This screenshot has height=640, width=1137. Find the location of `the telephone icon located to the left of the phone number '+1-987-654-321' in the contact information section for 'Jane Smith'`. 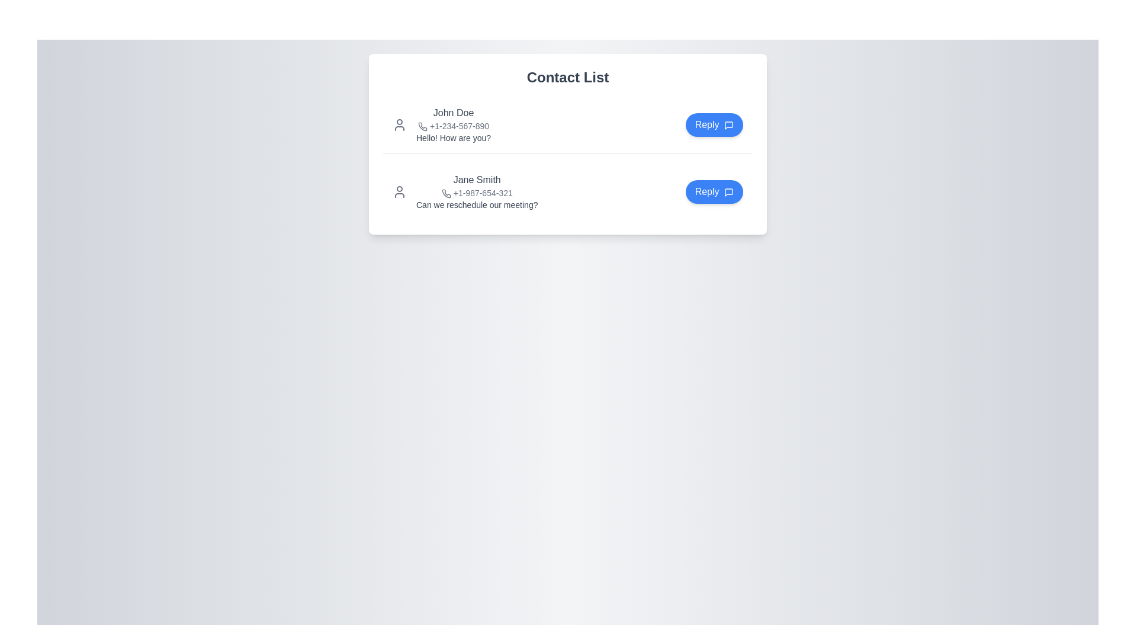

the telephone icon located to the left of the phone number '+1-987-654-321' in the contact information section for 'Jane Smith' is located at coordinates (445, 193).